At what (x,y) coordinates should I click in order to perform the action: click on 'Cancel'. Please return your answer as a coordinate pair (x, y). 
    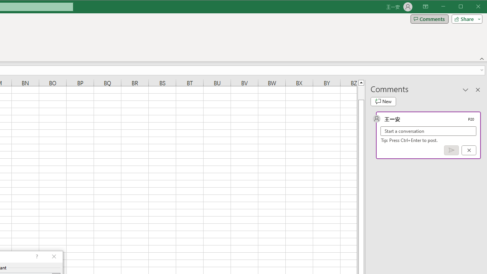
    Looking at the image, I should click on (468, 150).